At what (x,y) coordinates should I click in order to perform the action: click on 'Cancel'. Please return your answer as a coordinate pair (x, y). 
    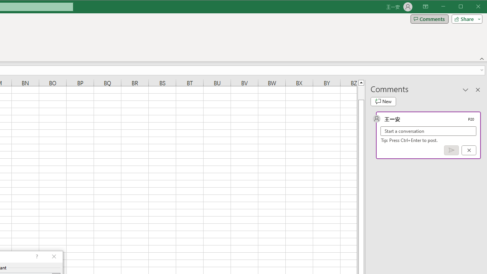
    Looking at the image, I should click on (468, 150).